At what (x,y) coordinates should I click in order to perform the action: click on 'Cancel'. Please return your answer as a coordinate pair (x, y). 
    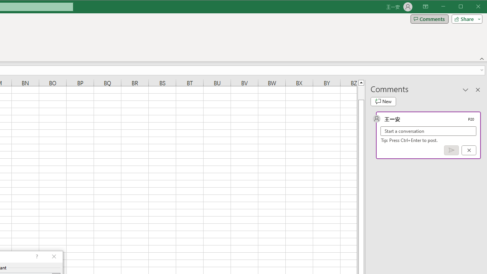
    Looking at the image, I should click on (468, 150).